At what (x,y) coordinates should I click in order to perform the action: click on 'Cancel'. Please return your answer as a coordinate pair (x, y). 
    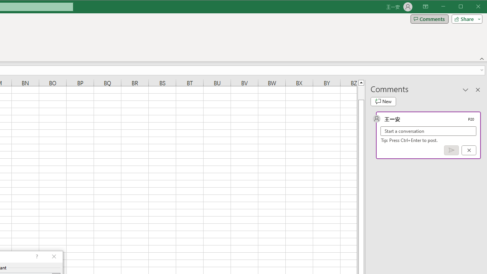
    Looking at the image, I should click on (468, 150).